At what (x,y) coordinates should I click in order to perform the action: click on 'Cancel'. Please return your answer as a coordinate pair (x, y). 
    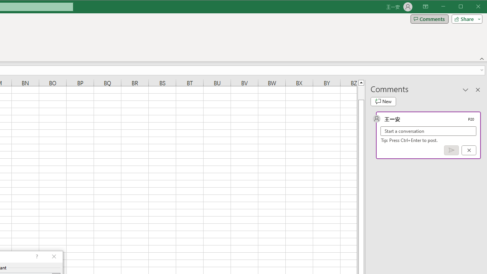
    Looking at the image, I should click on (468, 150).